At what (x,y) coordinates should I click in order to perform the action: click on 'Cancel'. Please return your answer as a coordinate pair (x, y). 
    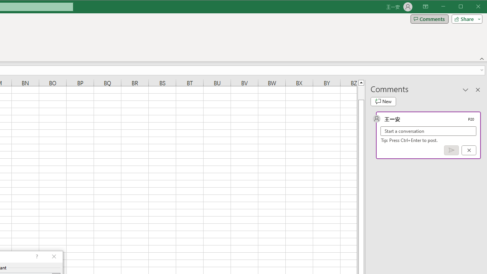
    Looking at the image, I should click on (468, 150).